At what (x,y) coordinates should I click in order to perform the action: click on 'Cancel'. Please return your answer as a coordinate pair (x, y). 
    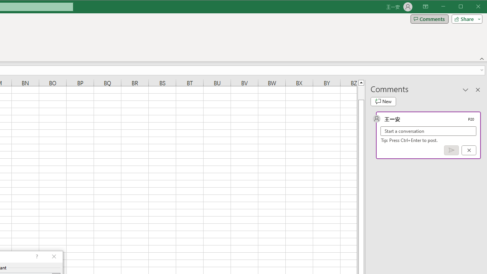
    Looking at the image, I should click on (468, 150).